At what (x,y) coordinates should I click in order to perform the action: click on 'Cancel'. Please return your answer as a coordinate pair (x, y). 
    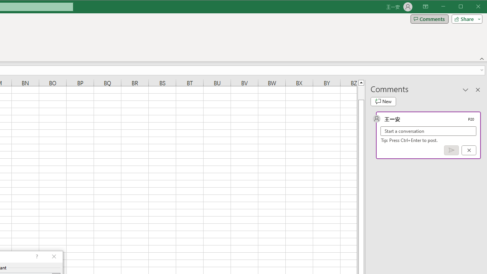
    Looking at the image, I should click on (468, 150).